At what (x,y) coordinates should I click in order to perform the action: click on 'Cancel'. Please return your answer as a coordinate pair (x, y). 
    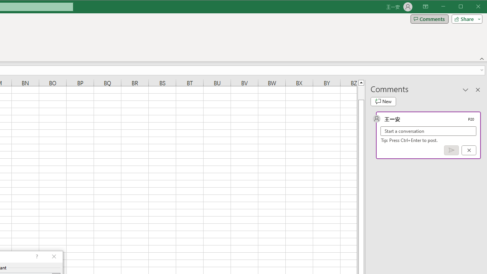
    Looking at the image, I should click on (468, 150).